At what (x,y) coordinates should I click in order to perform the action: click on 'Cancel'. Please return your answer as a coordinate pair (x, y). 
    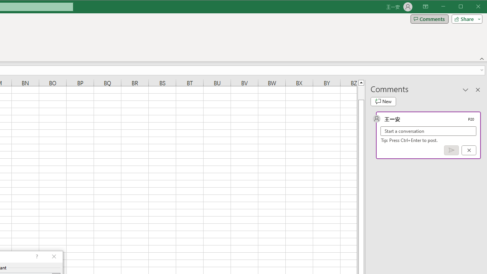
    Looking at the image, I should click on (468, 150).